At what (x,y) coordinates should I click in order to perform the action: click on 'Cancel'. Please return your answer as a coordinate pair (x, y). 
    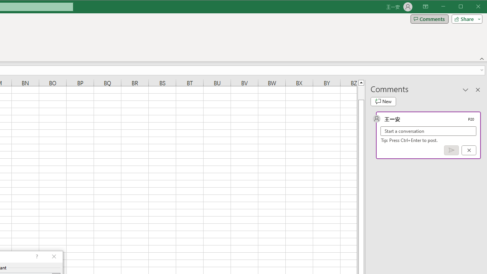
    Looking at the image, I should click on (468, 150).